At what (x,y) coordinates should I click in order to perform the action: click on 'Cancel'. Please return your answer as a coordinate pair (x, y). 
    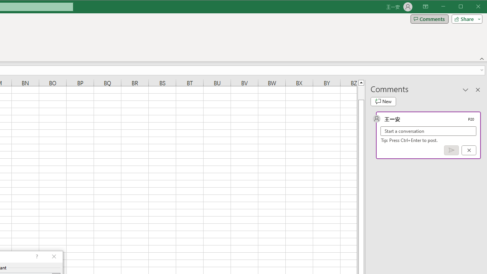
    Looking at the image, I should click on (468, 150).